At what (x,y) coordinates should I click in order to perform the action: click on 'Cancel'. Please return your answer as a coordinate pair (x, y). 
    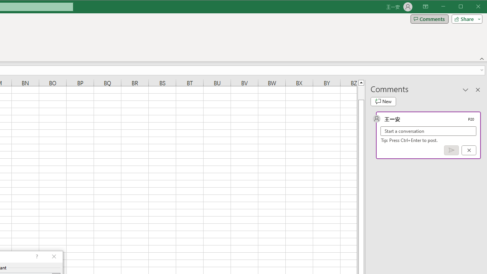
    Looking at the image, I should click on (468, 150).